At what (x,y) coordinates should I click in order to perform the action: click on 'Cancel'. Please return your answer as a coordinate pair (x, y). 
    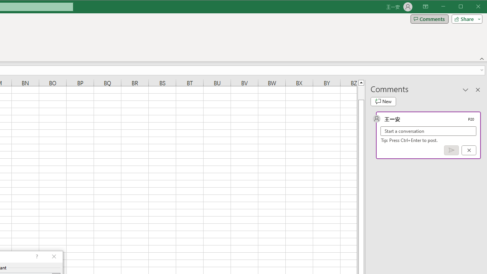
    Looking at the image, I should click on (468, 150).